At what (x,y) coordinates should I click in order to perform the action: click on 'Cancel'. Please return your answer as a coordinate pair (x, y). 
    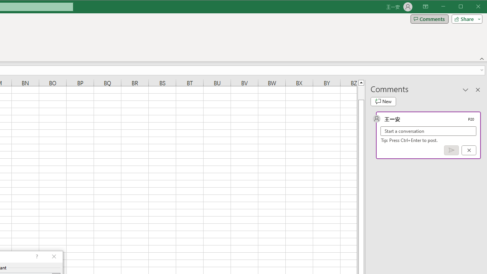
    Looking at the image, I should click on (468, 150).